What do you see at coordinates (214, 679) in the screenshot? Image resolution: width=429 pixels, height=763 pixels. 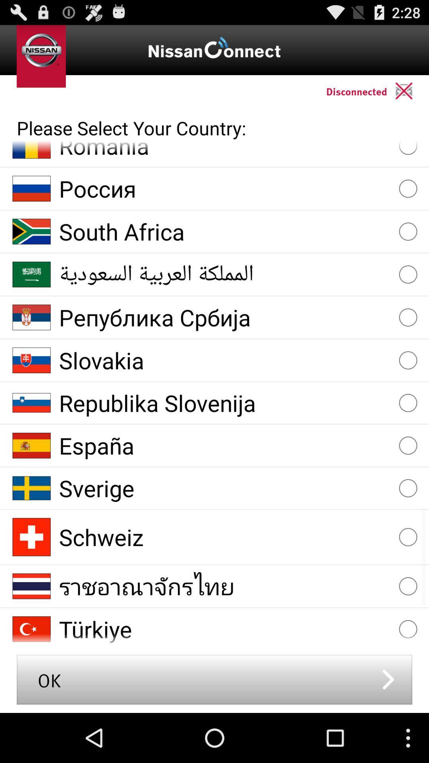 I see `ok icon` at bounding box center [214, 679].